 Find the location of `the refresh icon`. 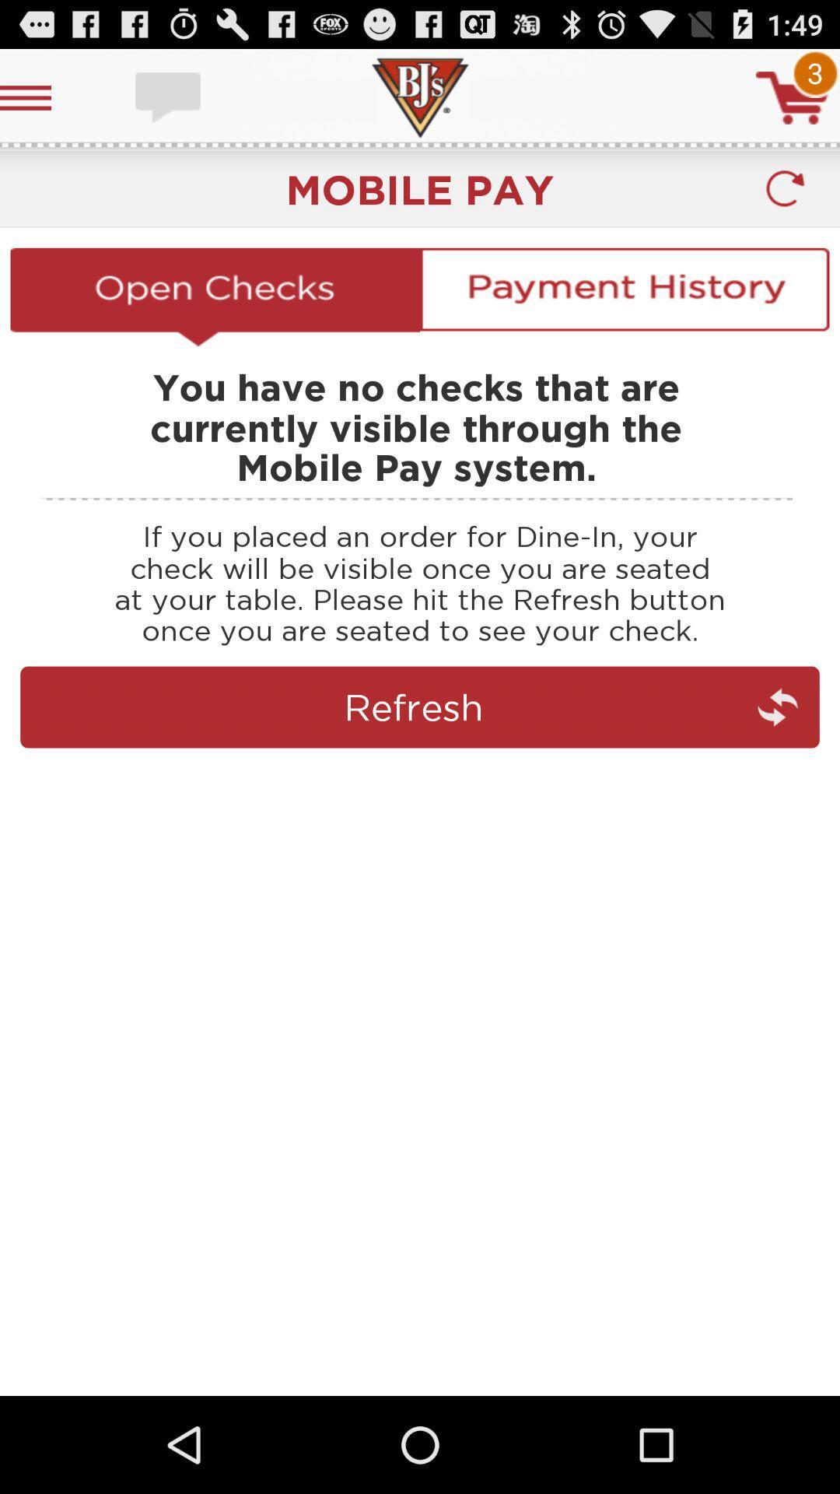

the refresh icon is located at coordinates (785, 202).